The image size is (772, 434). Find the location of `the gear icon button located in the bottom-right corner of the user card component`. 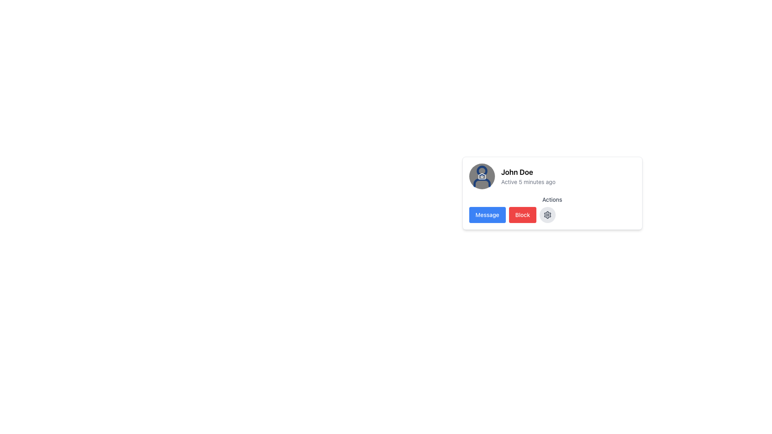

the gear icon button located in the bottom-right corner of the user card component is located at coordinates (547, 215).